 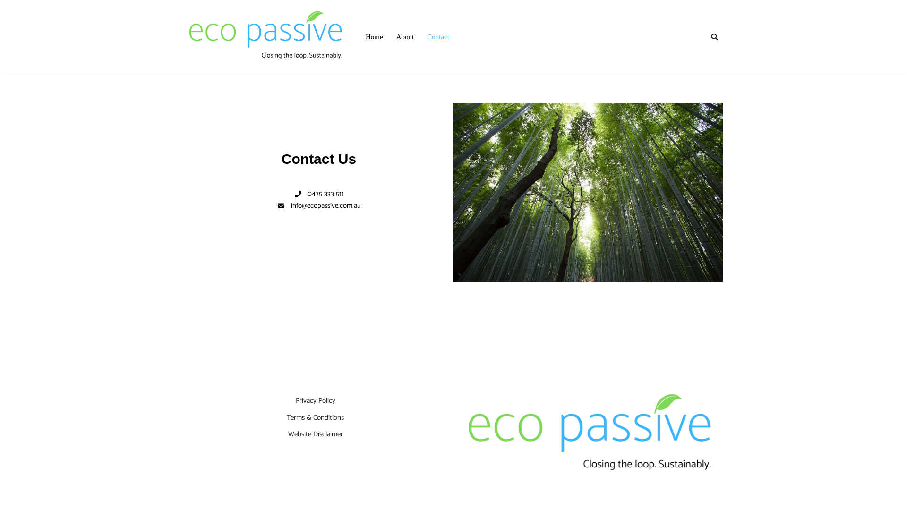 What do you see at coordinates (426, 36) in the screenshot?
I see `'Contact'` at bounding box center [426, 36].